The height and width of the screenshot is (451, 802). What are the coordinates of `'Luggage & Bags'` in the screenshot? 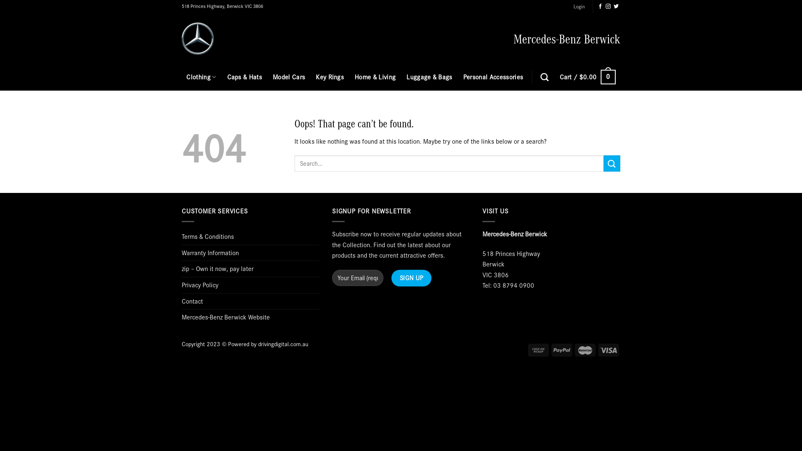 It's located at (429, 77).